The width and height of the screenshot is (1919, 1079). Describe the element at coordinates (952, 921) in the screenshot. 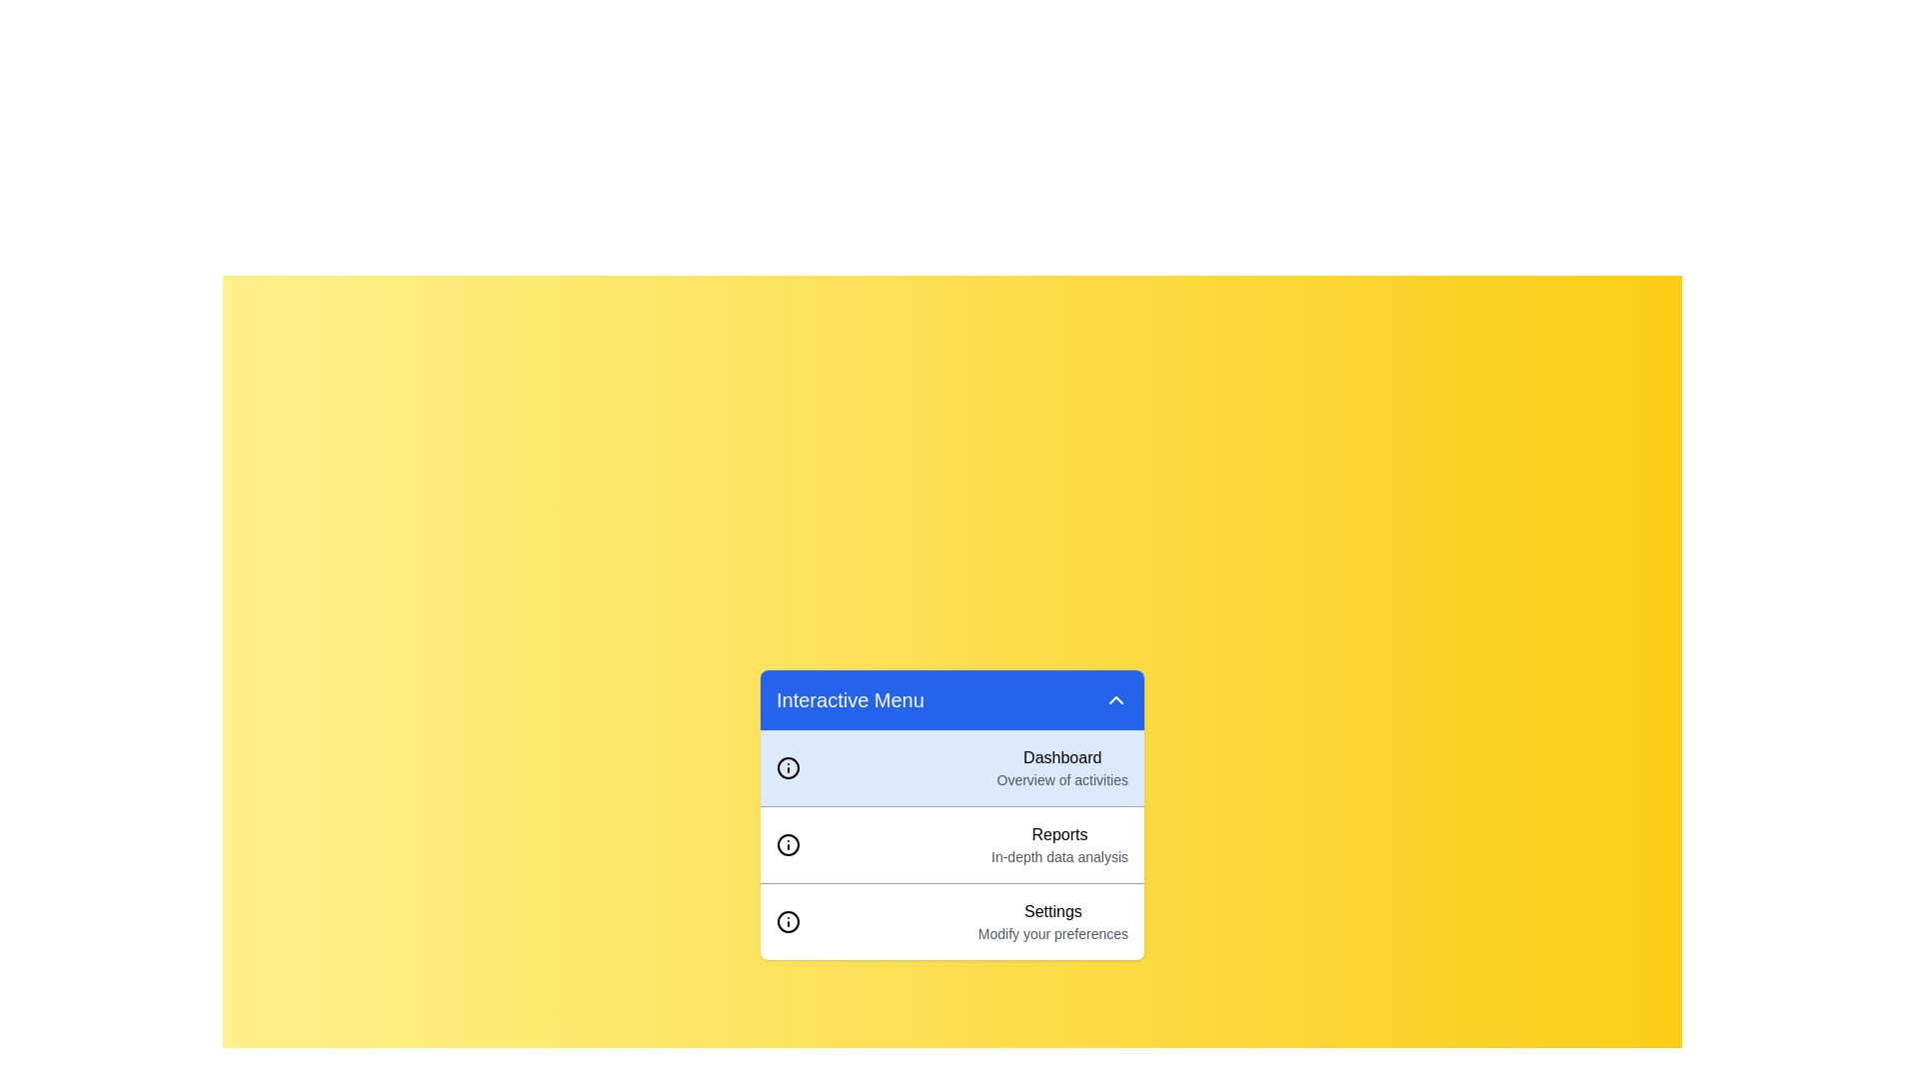

I see `the item Settings from the list` at that location.